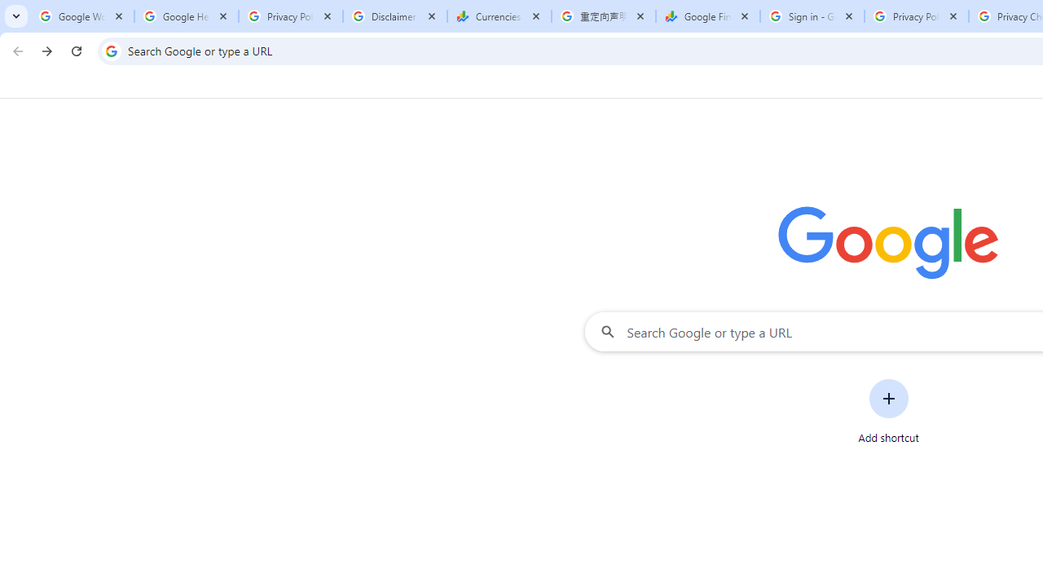 Image resolution: width=1043 pixels, height=587 pixels. Describe the element at coordinates (812, 16) in the screenshot. I see `'Sign in - Google Accounts'` at that location.